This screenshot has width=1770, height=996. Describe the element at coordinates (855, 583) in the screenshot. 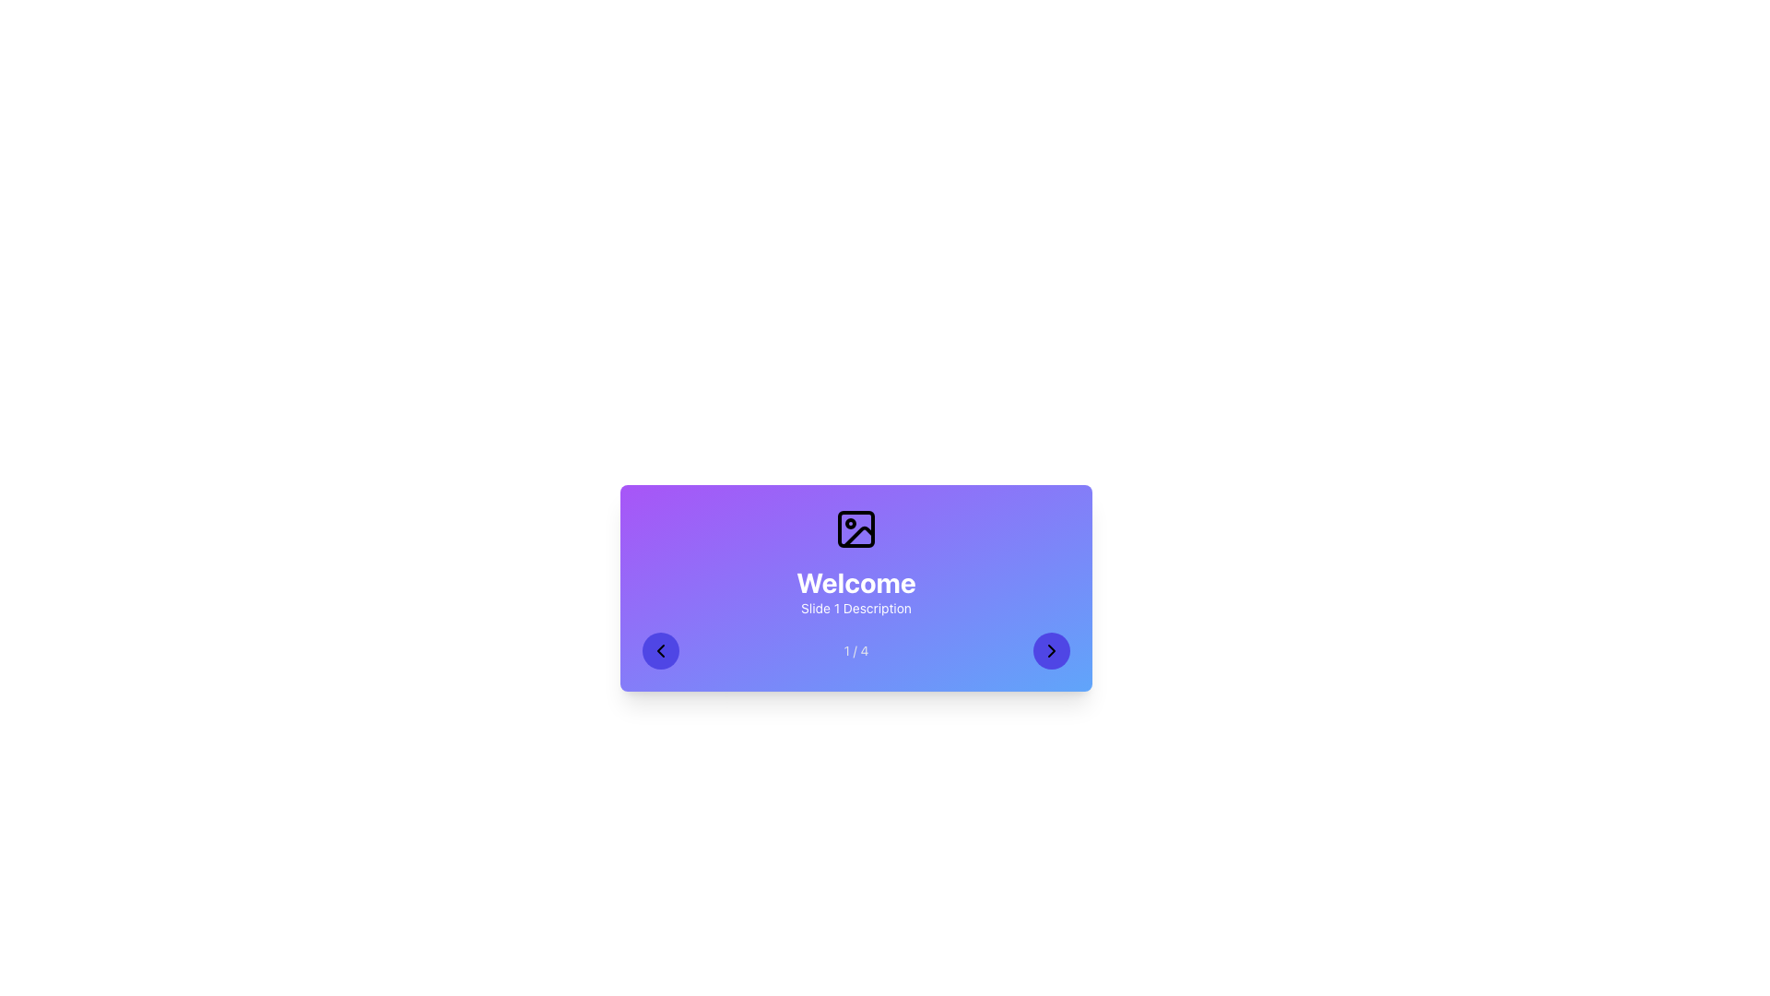

I see `the text label displaying 'Welcome' in bold, large font, which is centrally aligned and has a gradient background of purple and blue shades` at that location.